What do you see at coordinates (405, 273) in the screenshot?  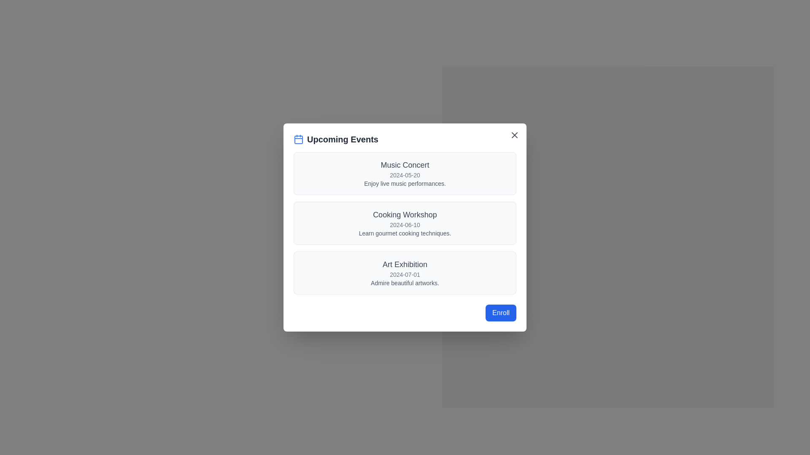 I see `the informational card about the 'Art Exhibition' located in the 'Upcoming Events' section, which is the last entry in the list` at bounding box center [405, 273].